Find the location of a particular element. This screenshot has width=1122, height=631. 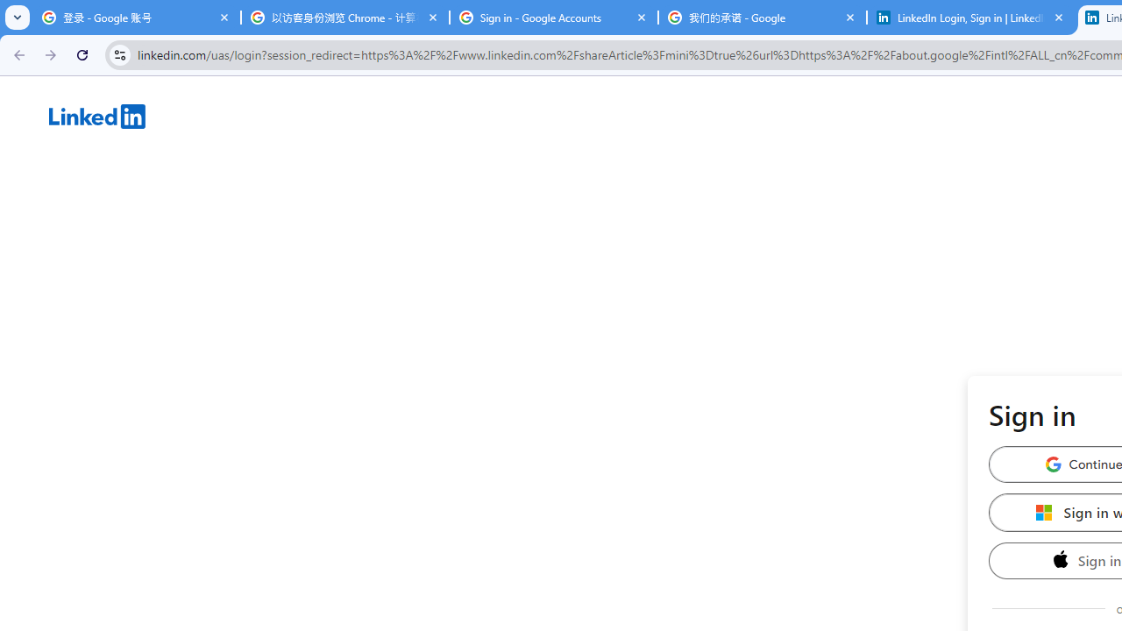

'Sign in - Google Accounts' is located at coordinates (553, 18).